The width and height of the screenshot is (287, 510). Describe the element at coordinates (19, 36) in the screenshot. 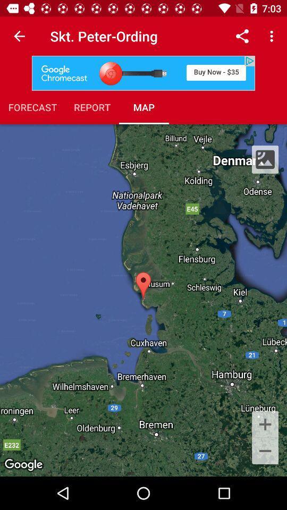

I see `item next to skt. peter-ording` at that location.